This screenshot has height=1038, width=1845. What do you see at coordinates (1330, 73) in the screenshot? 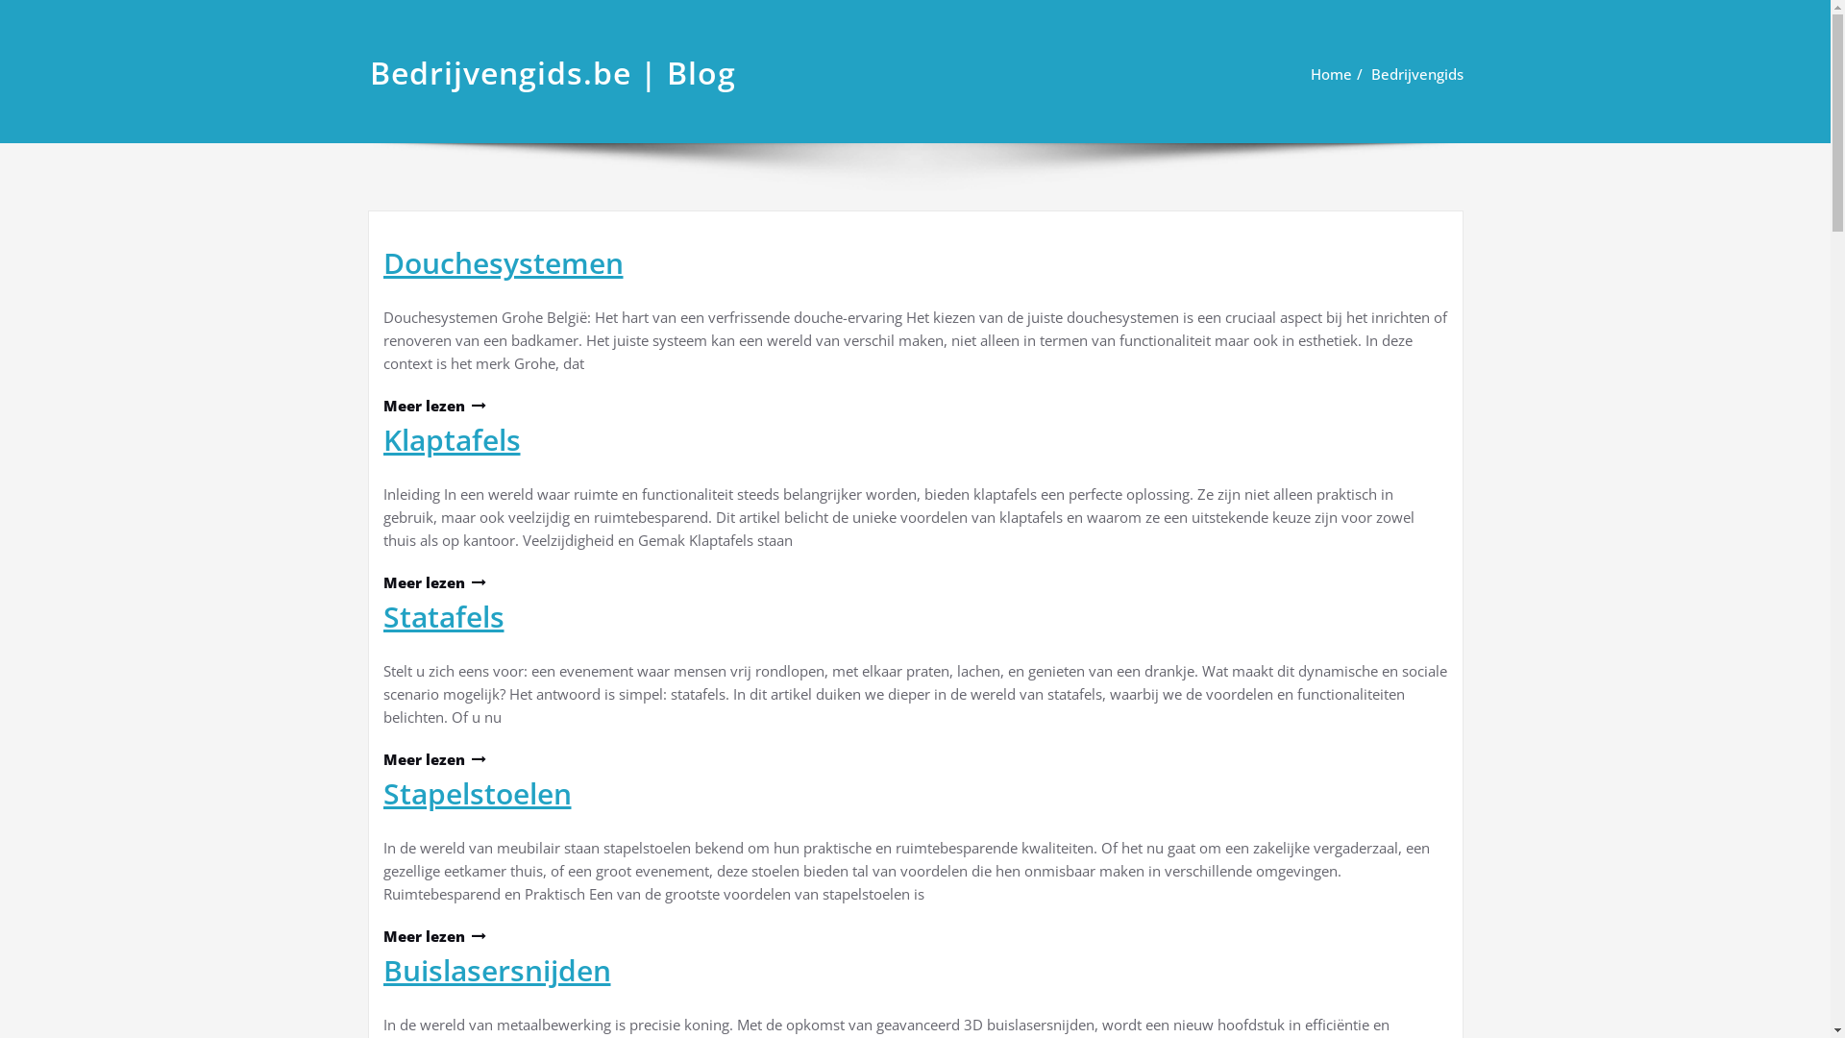
I see `'Home'` at bounding box center [1330, 73].